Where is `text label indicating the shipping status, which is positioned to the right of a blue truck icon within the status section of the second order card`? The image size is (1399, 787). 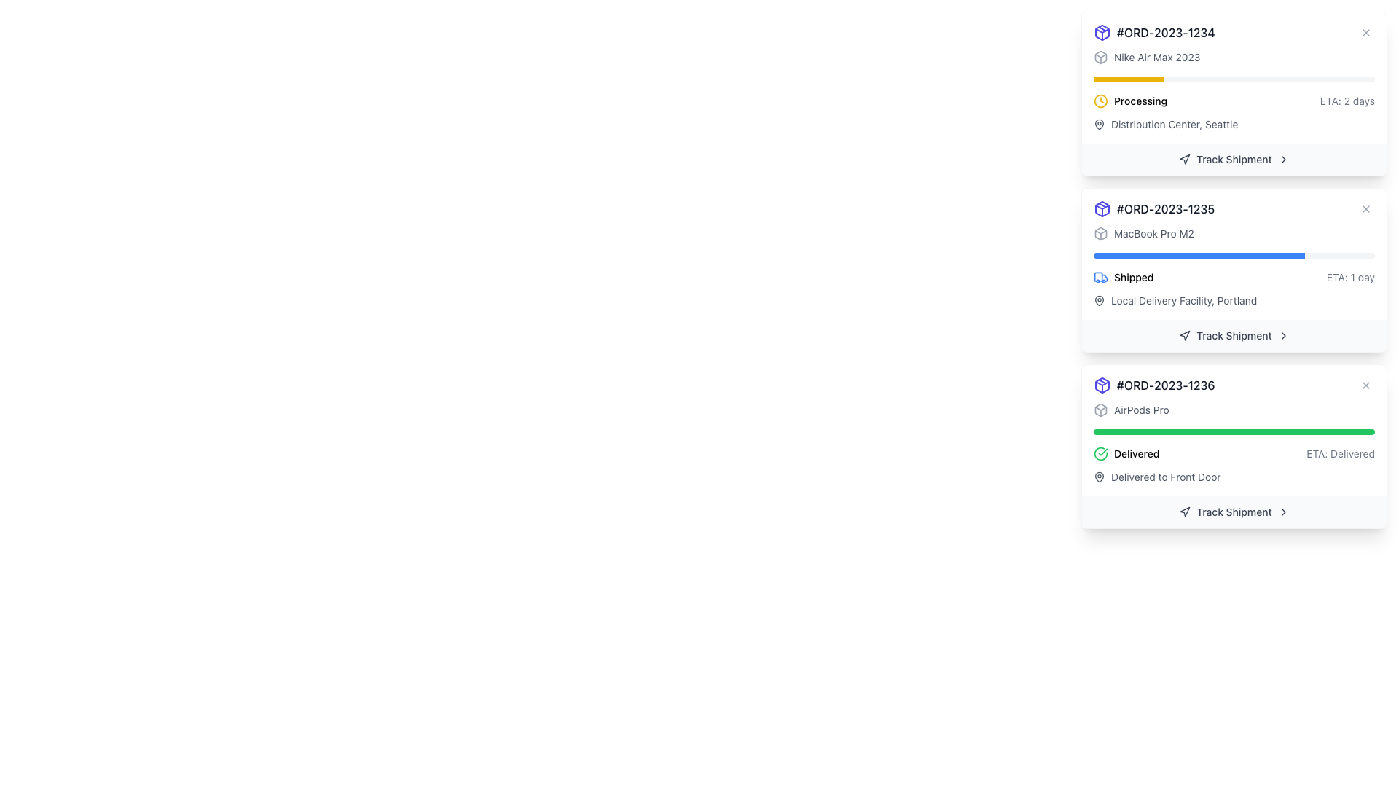 text label indicating the shipping status, which is positioned to the right of a blue truck icon within the status section of the second order card is located at coordinates (1133, 278).